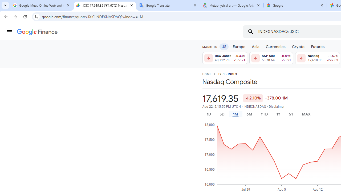 The height and width of the screenshot is (192, 341). I want to click on 'HOME', so click(206, 74).